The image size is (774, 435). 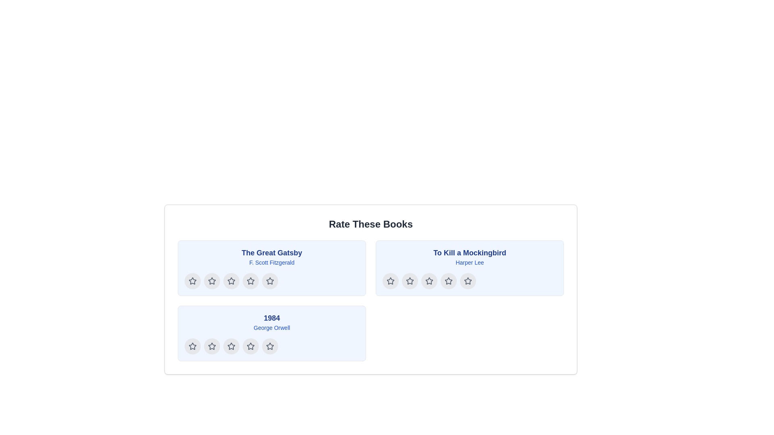 What do you see at coordinates (468, 281) in the screenshot?
I see `the fifth star icon in the rating component for the book 'To Kill a Mockingbird' to rate it` at bounding box center [468, 281].